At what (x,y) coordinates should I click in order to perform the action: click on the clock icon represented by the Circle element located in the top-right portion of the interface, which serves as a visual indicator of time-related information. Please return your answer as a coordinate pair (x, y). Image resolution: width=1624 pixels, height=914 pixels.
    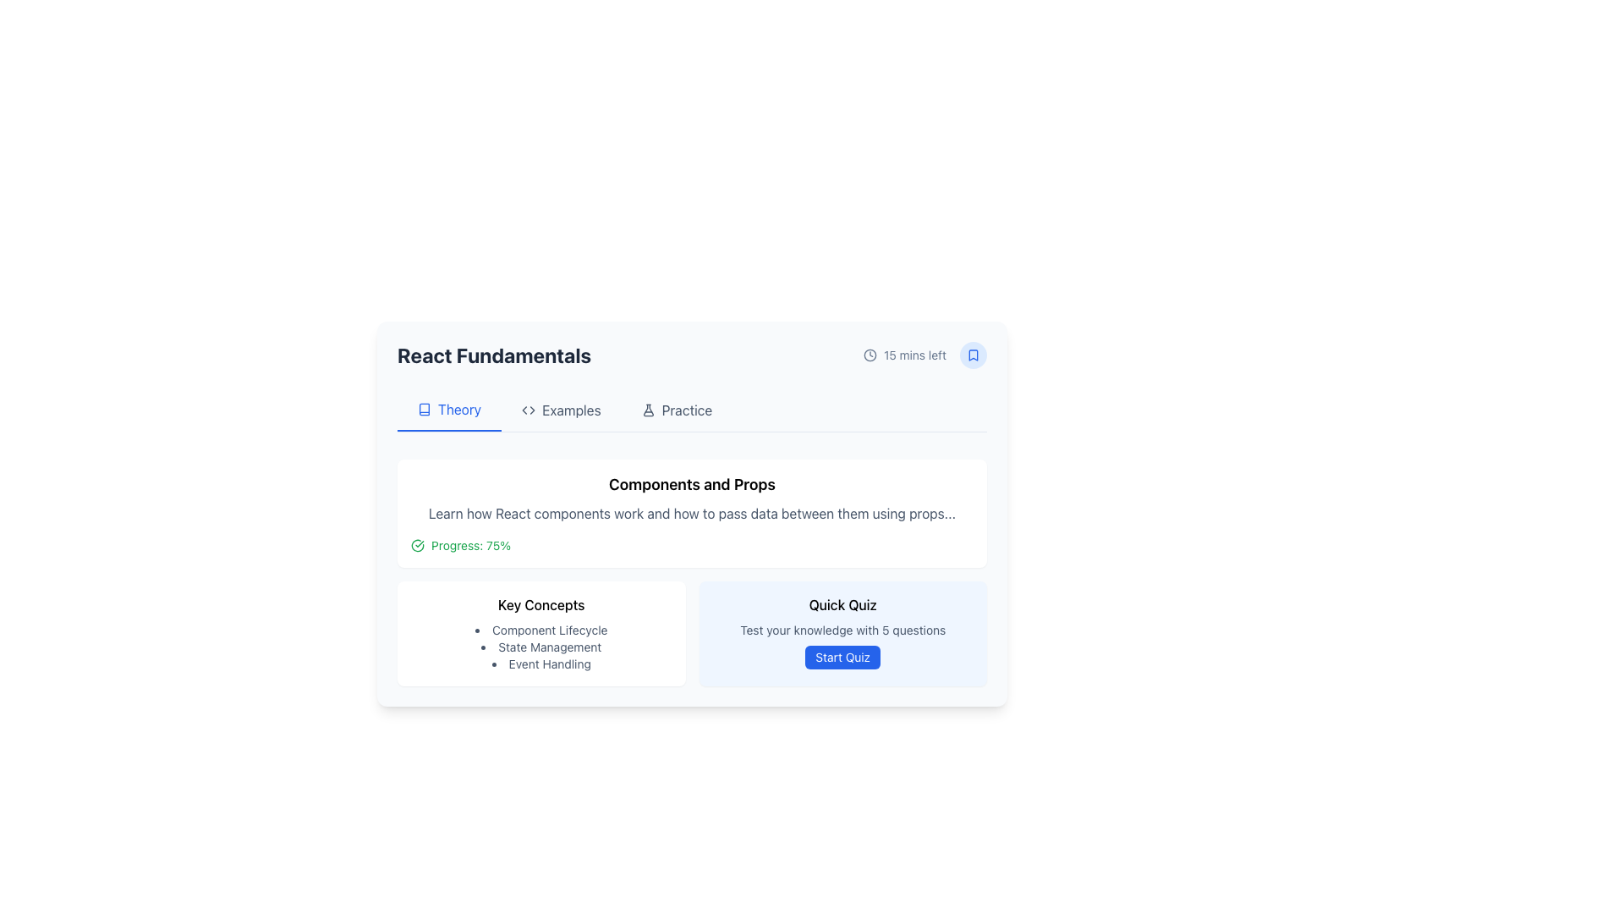
    Looking at the image, I should click on (870, 355).